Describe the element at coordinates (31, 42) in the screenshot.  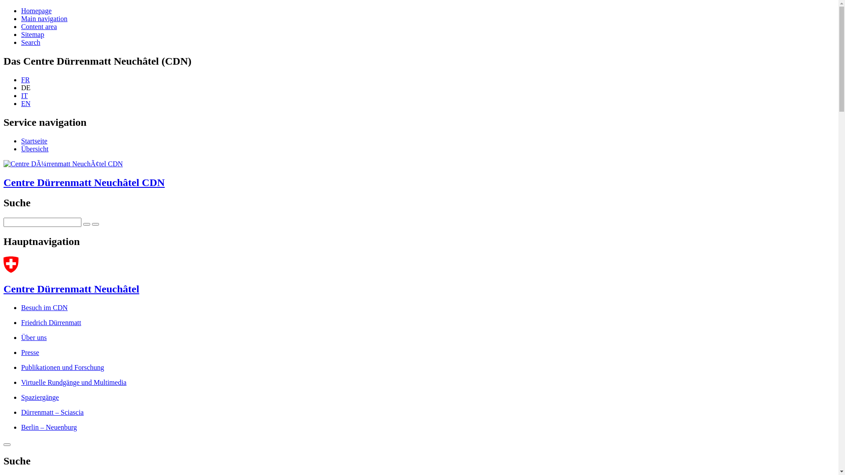
I see `'Search'` at that location.